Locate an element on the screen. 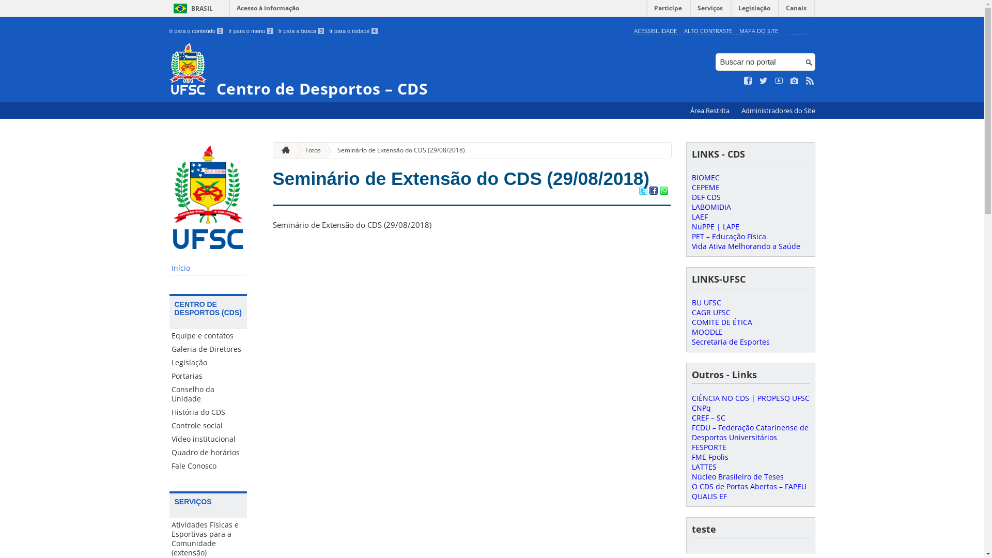  'Compartilhar no Twitter' is located at coordinates (642, 191).